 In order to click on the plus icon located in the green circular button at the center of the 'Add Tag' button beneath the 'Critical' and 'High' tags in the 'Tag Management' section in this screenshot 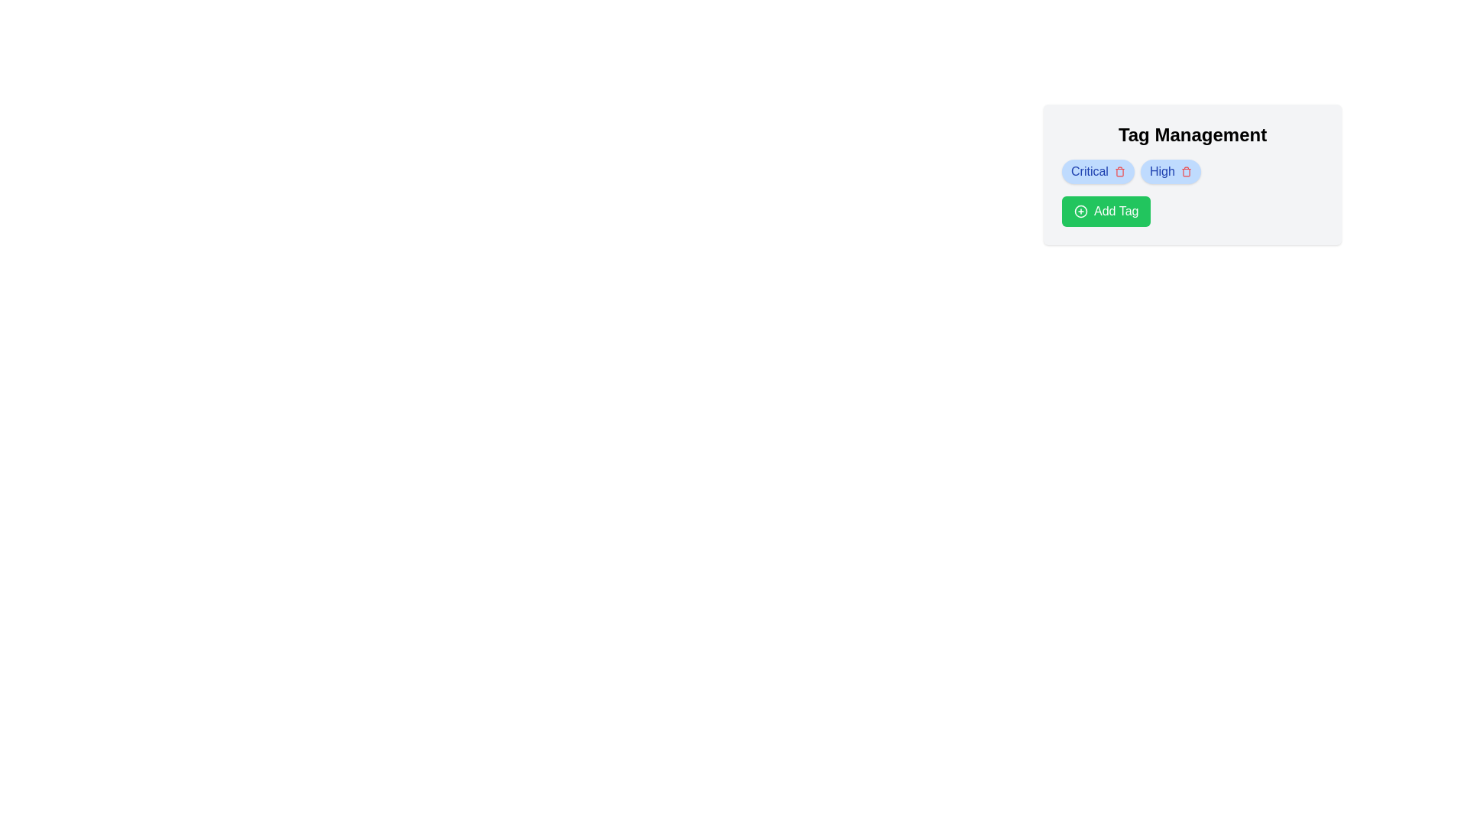, I will do `click(1080, 212)`.